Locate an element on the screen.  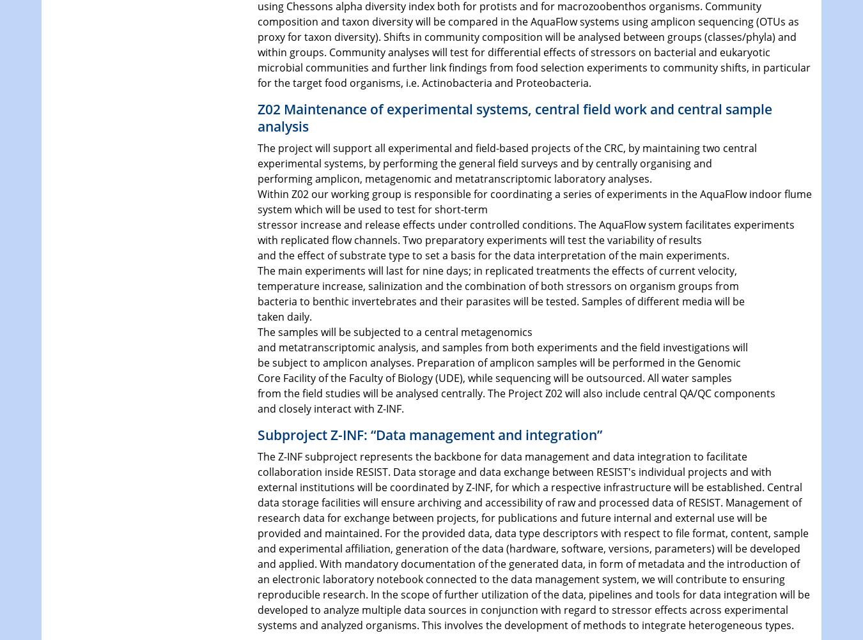
'Z02 Maintenance of experimental systems, central field work and central sample analysis' is located at coordinates (514, 117).